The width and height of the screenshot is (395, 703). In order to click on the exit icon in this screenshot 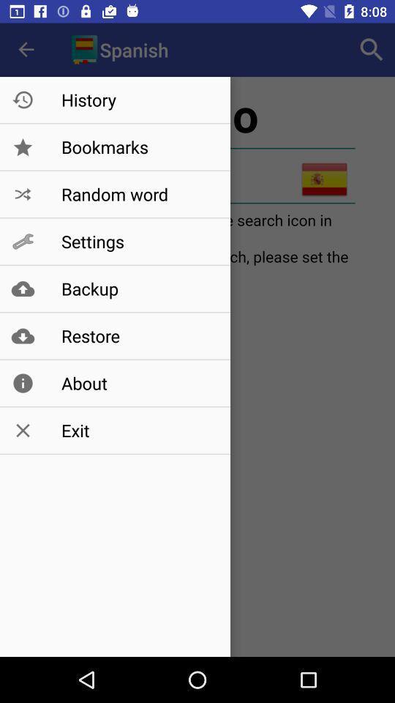, I will do `click(138, 431)`.